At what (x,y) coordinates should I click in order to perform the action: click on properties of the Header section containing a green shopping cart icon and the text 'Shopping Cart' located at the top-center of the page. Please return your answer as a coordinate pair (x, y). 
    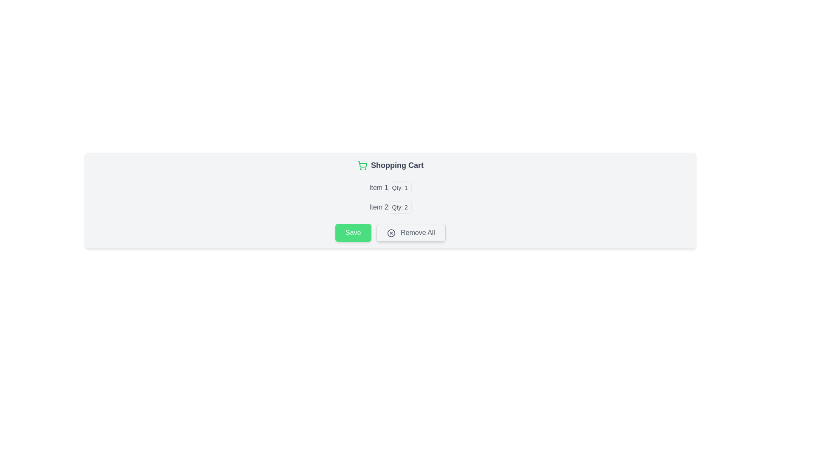
    Looking at the image, I should click on (390, 168).